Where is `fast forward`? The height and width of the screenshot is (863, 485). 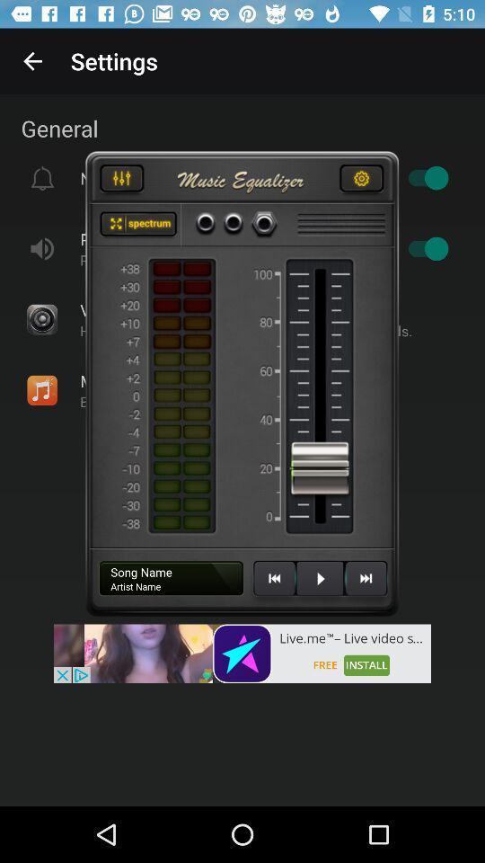 fast forward is located at coordinates (365, 584).